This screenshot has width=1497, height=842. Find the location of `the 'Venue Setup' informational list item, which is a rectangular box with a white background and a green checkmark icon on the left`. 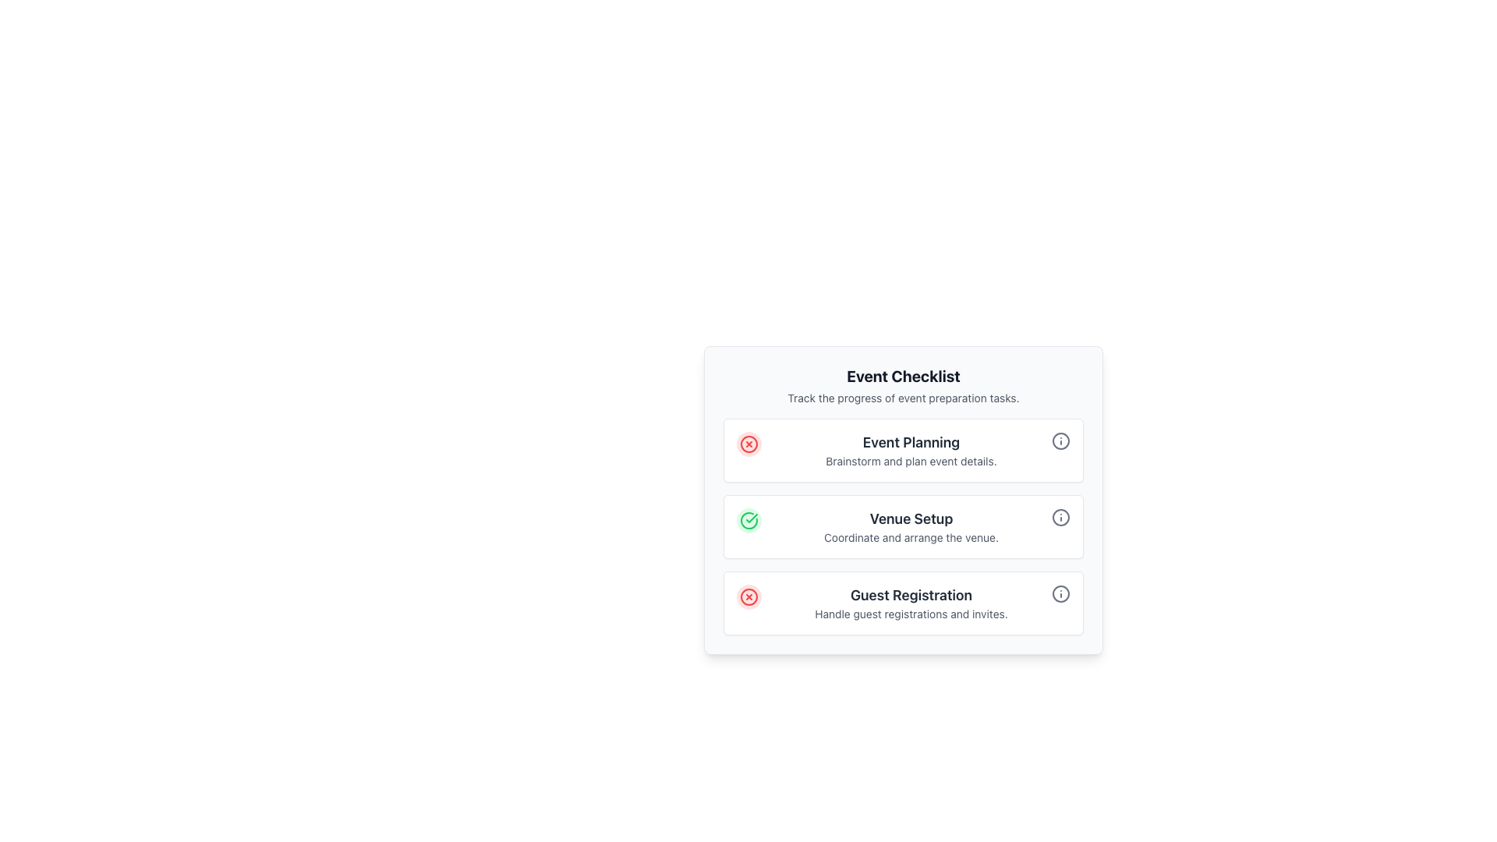

the 'Venue Setup' informational list item, which is a rectangular box with a white background and a green checkmark icon on the left is located at coordinates (903, 526).